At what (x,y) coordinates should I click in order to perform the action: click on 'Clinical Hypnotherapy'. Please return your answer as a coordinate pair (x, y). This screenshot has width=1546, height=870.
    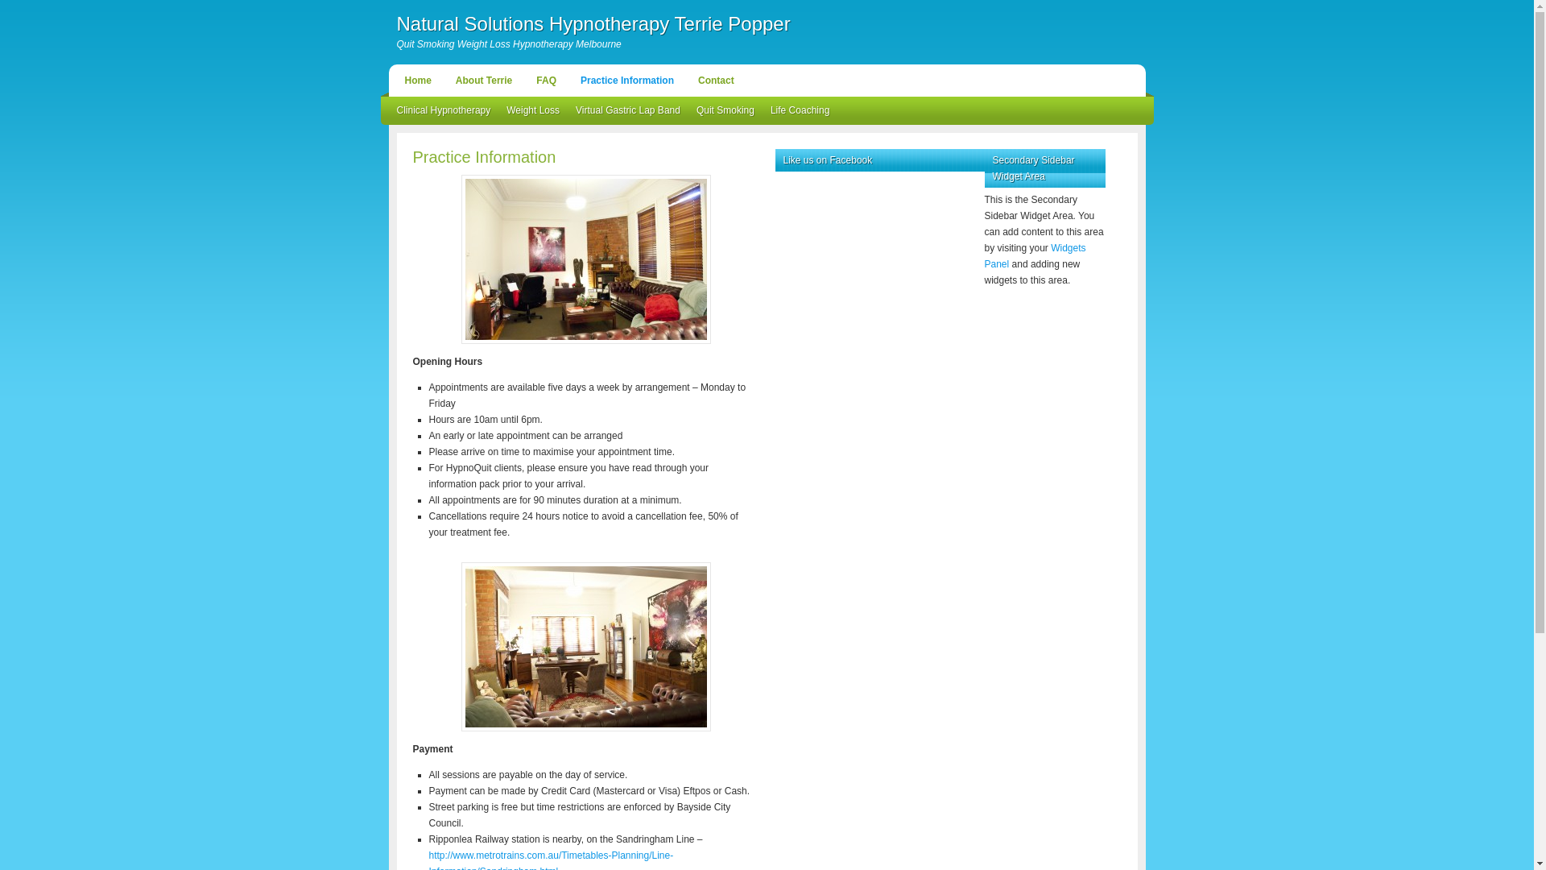
    Looking at the image, I should click on (443, 110).